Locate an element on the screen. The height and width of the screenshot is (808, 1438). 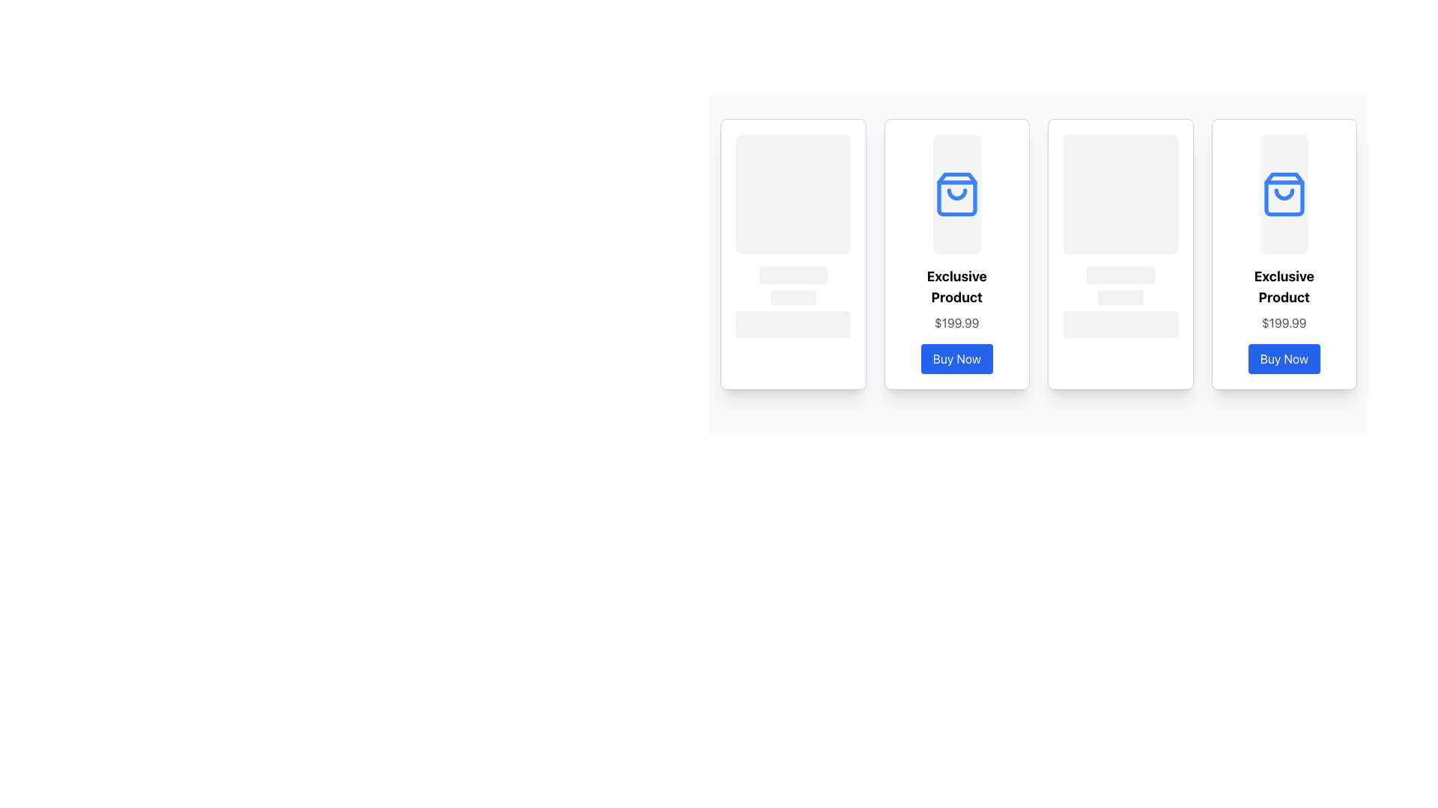
the shopping icon located in the second card of a horizontal card listing layout, which has a light gray background and rounded corners, to interact with the 'Buy Now' button below it is located at coordinates (956, 193).